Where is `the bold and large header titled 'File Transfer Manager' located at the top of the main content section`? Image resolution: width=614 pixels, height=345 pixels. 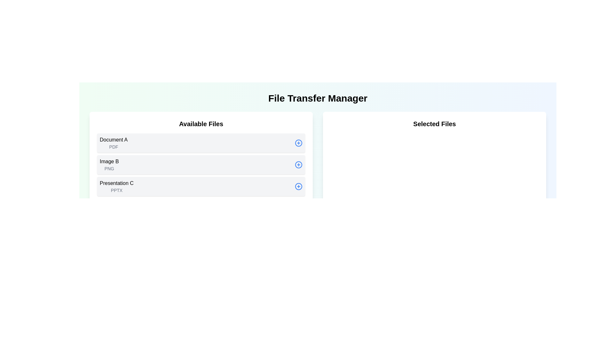
the bold and large header titled 'File Transfer Manager' located at the top of the main content section is located at coordinates (318, 98).